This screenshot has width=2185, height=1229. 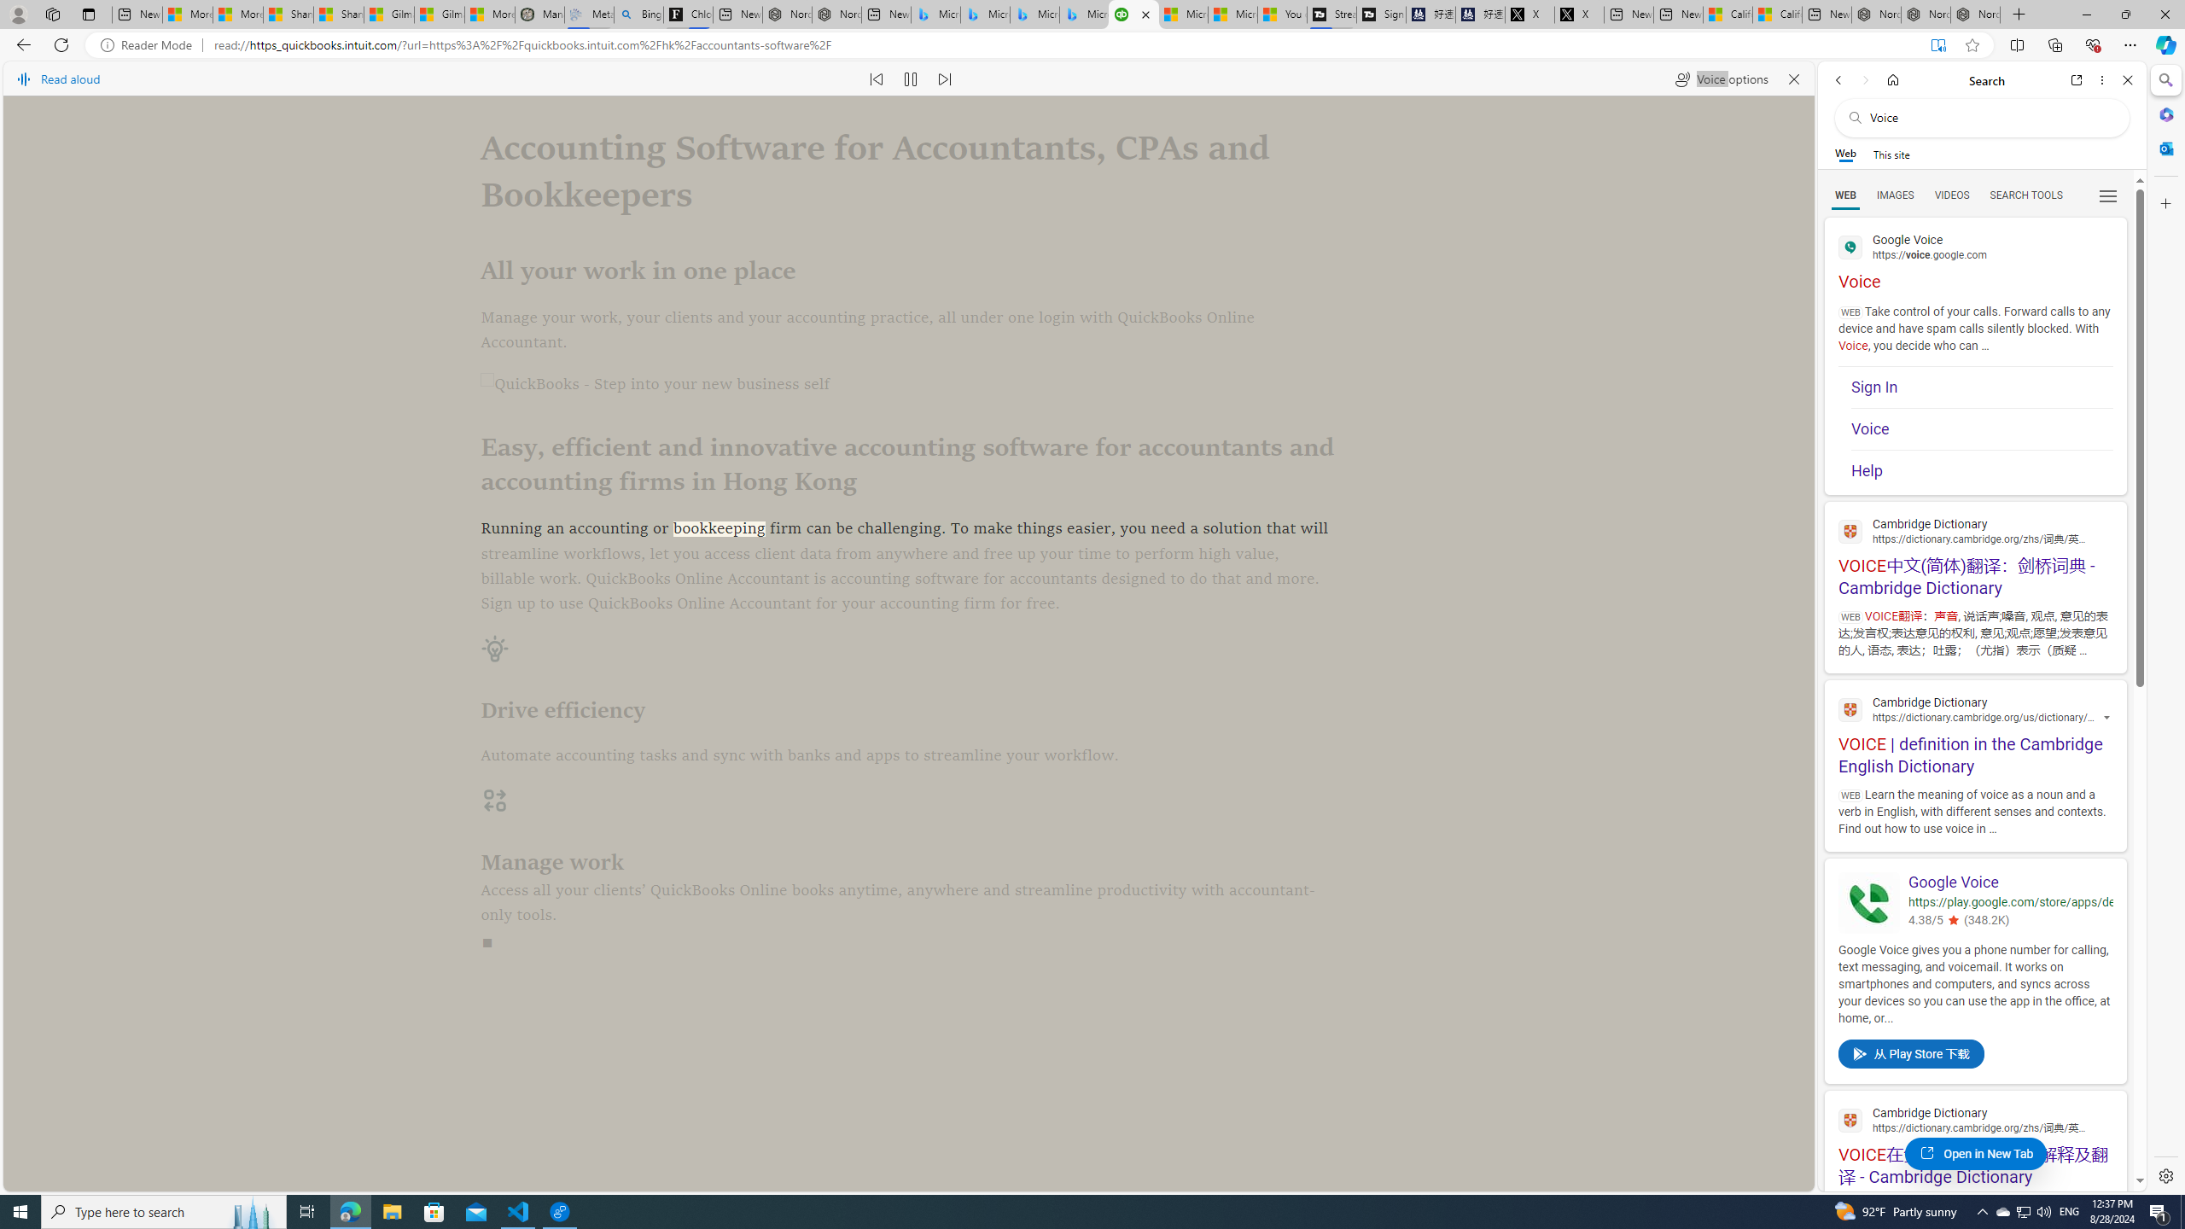 What do you see at coordinates (1951, 921) in the screenshot?
I see `'4.380543231964111'` at bounding box center [1951, 921].